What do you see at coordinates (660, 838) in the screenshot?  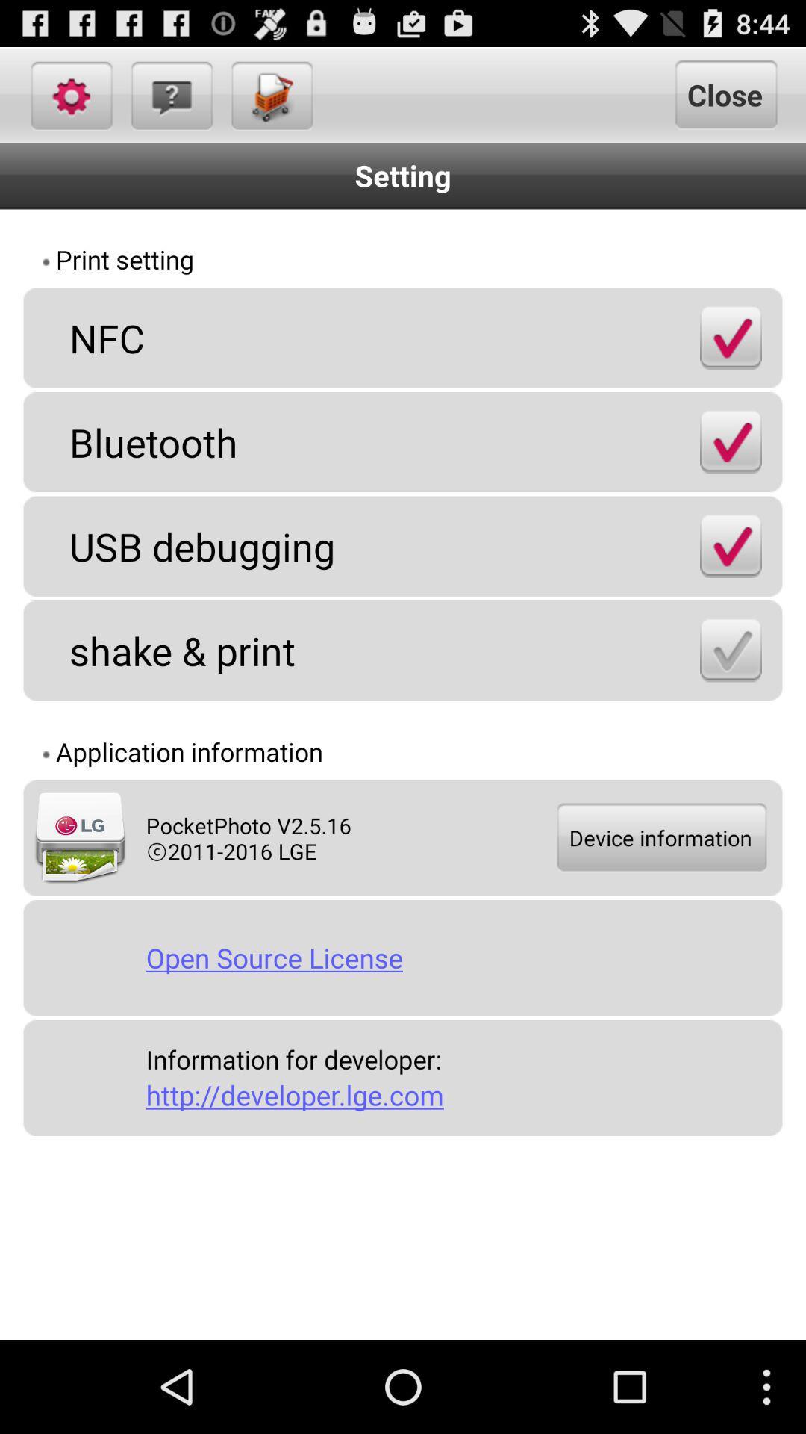 I see `device information item` at bounding box center [660, 838].